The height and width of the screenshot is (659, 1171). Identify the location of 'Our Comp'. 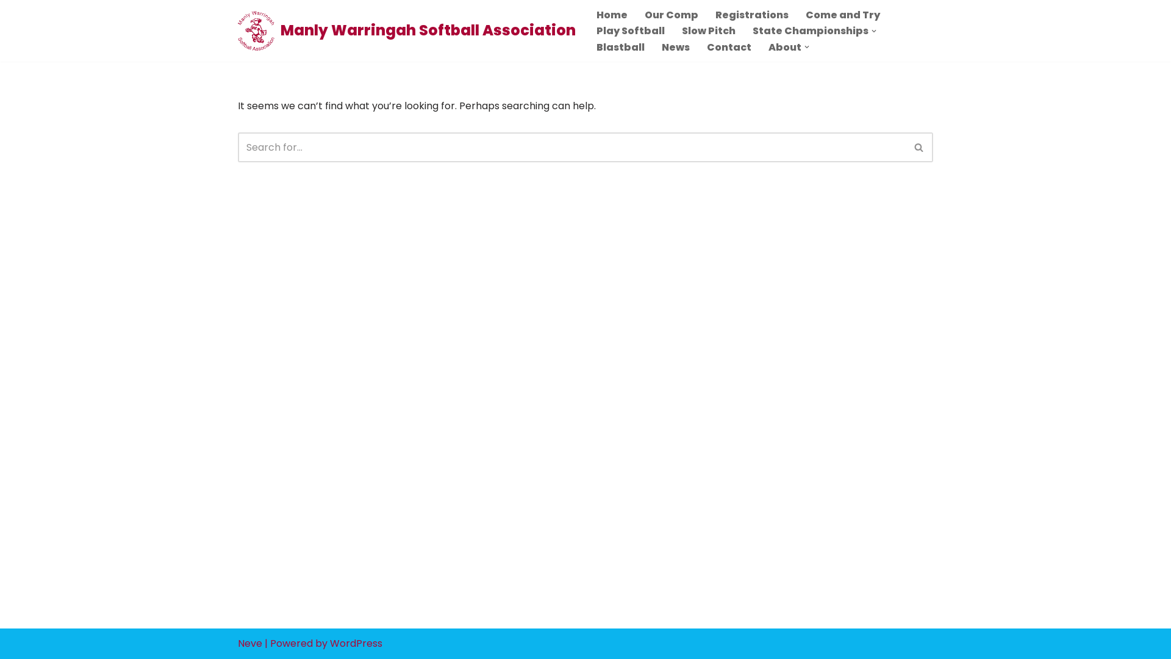
(670, 15).